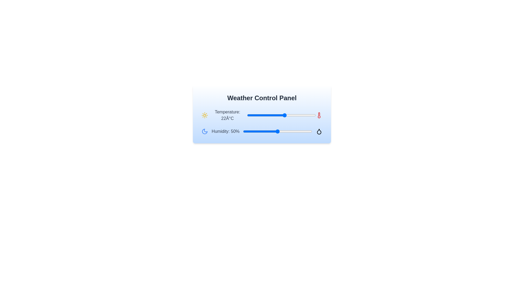 The width and height of the screenshot is (518, 291). What do you see at coordinates (262, 131) in the screenshot?
I see `the humidity slider to set the humidity to 27%` at bounding box center [262, 131].